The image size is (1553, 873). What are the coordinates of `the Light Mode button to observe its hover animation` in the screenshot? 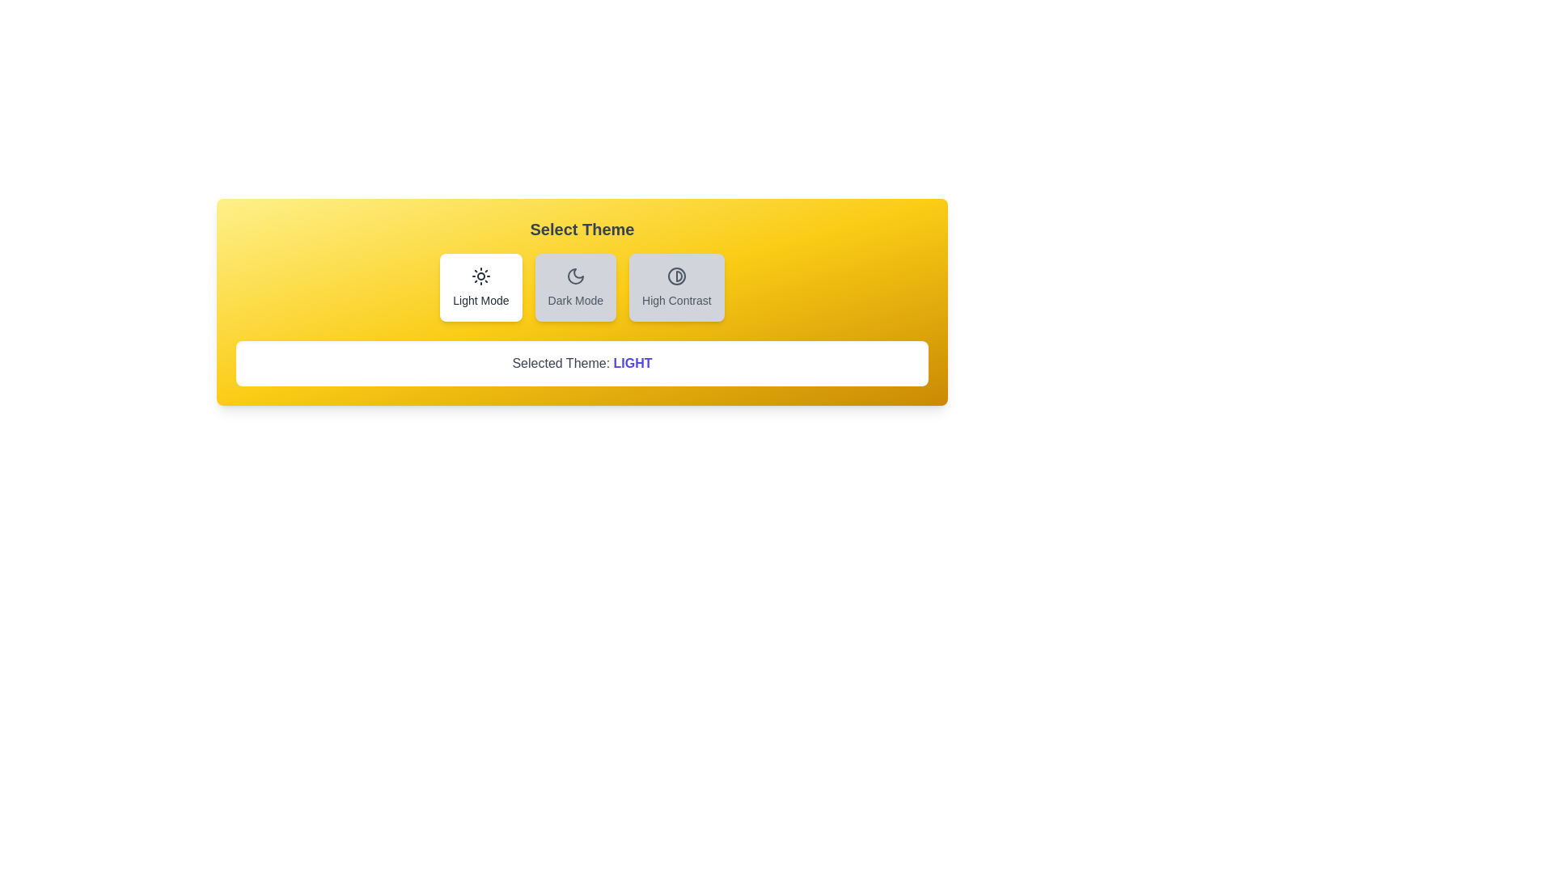 It's located at (480, 286).